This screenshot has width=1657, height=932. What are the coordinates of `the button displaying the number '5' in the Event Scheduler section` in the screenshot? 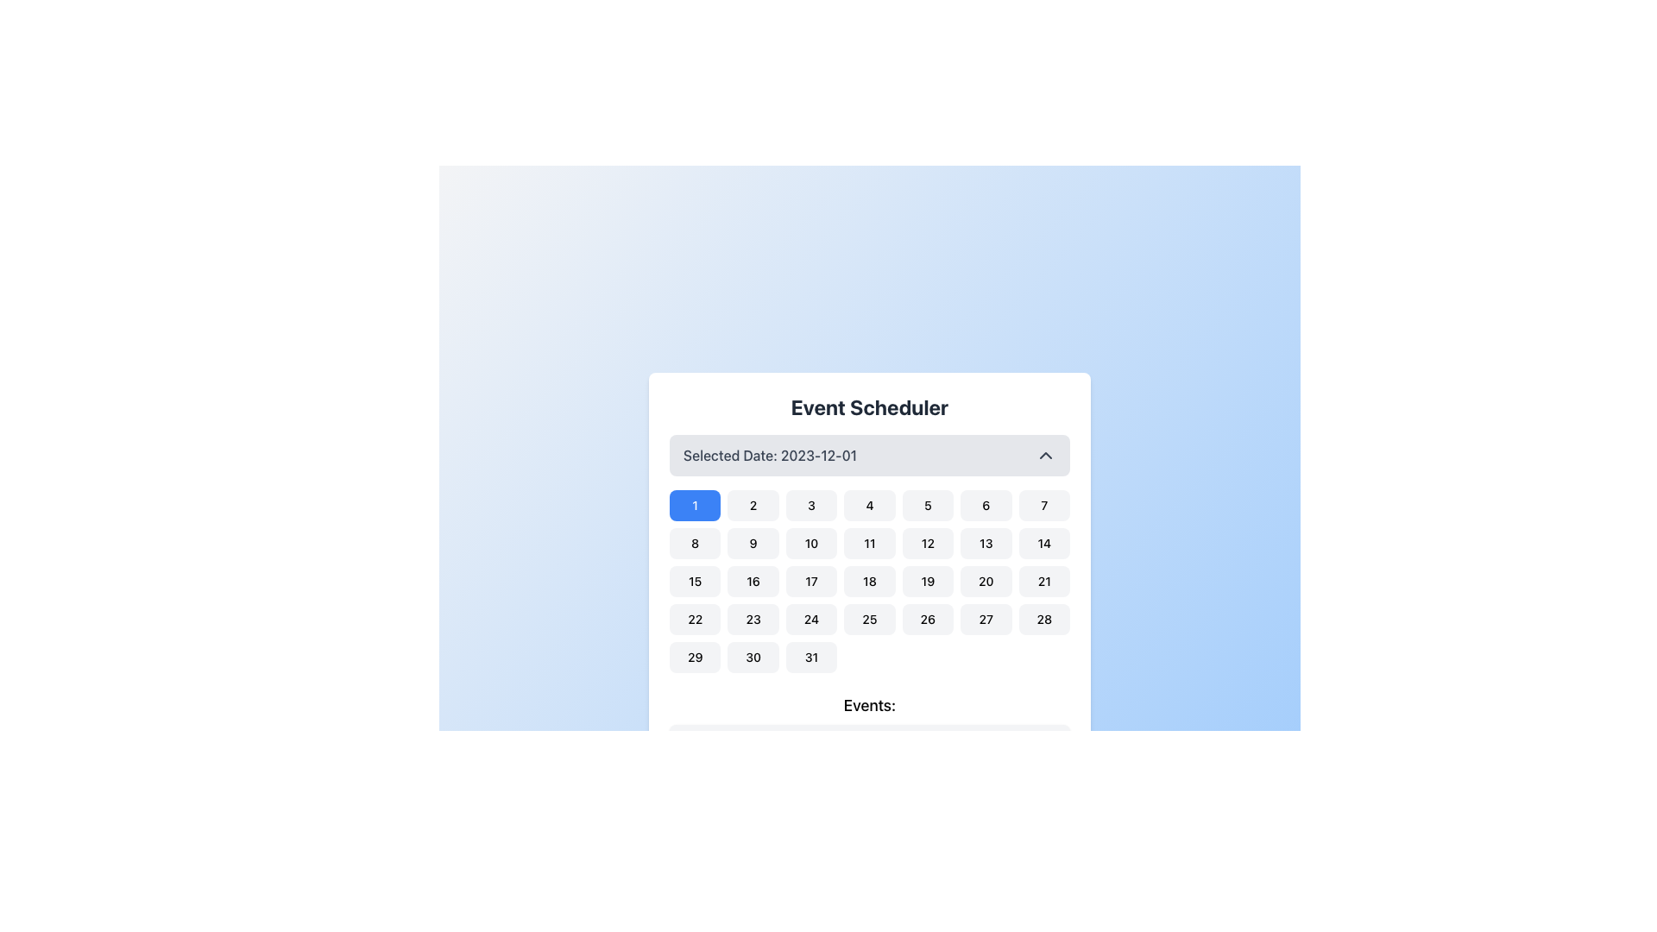 It's located at (927, 505).